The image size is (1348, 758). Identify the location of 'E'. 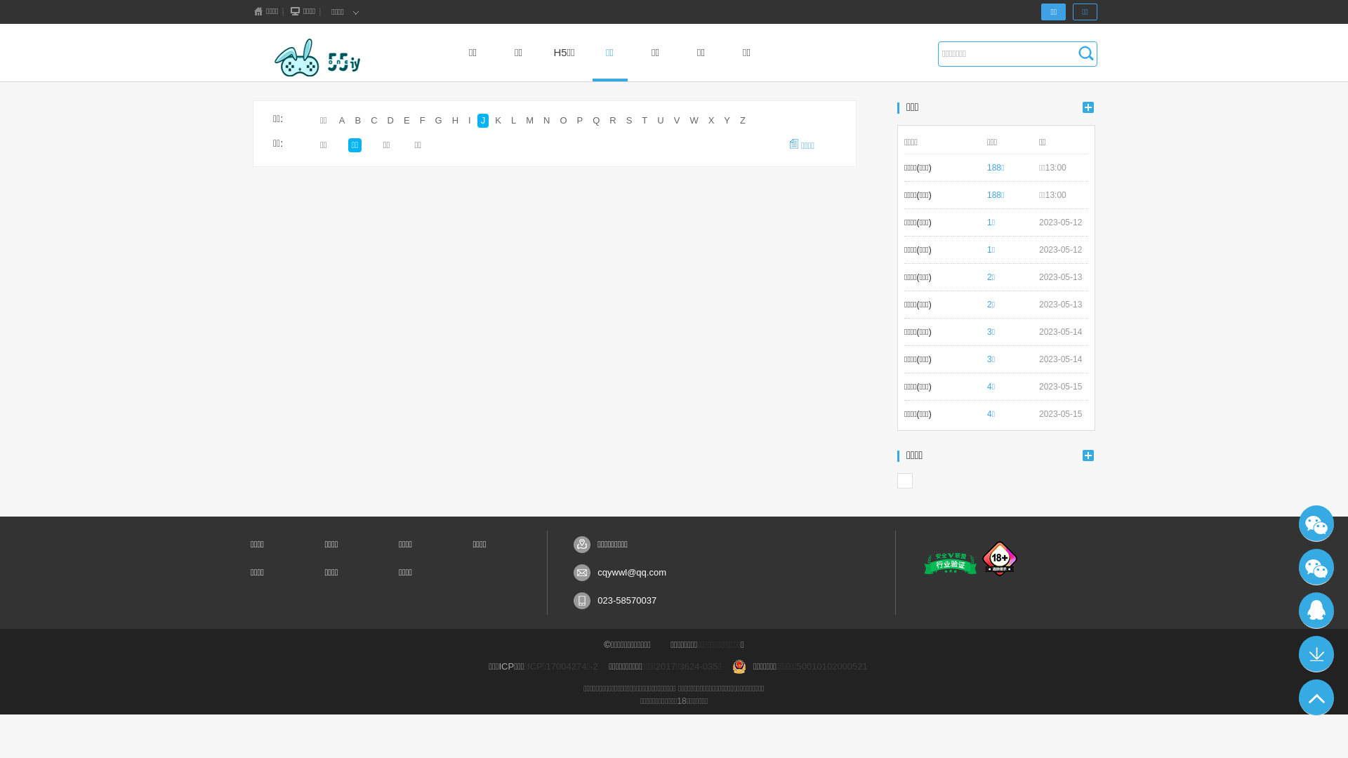
(406, 120).